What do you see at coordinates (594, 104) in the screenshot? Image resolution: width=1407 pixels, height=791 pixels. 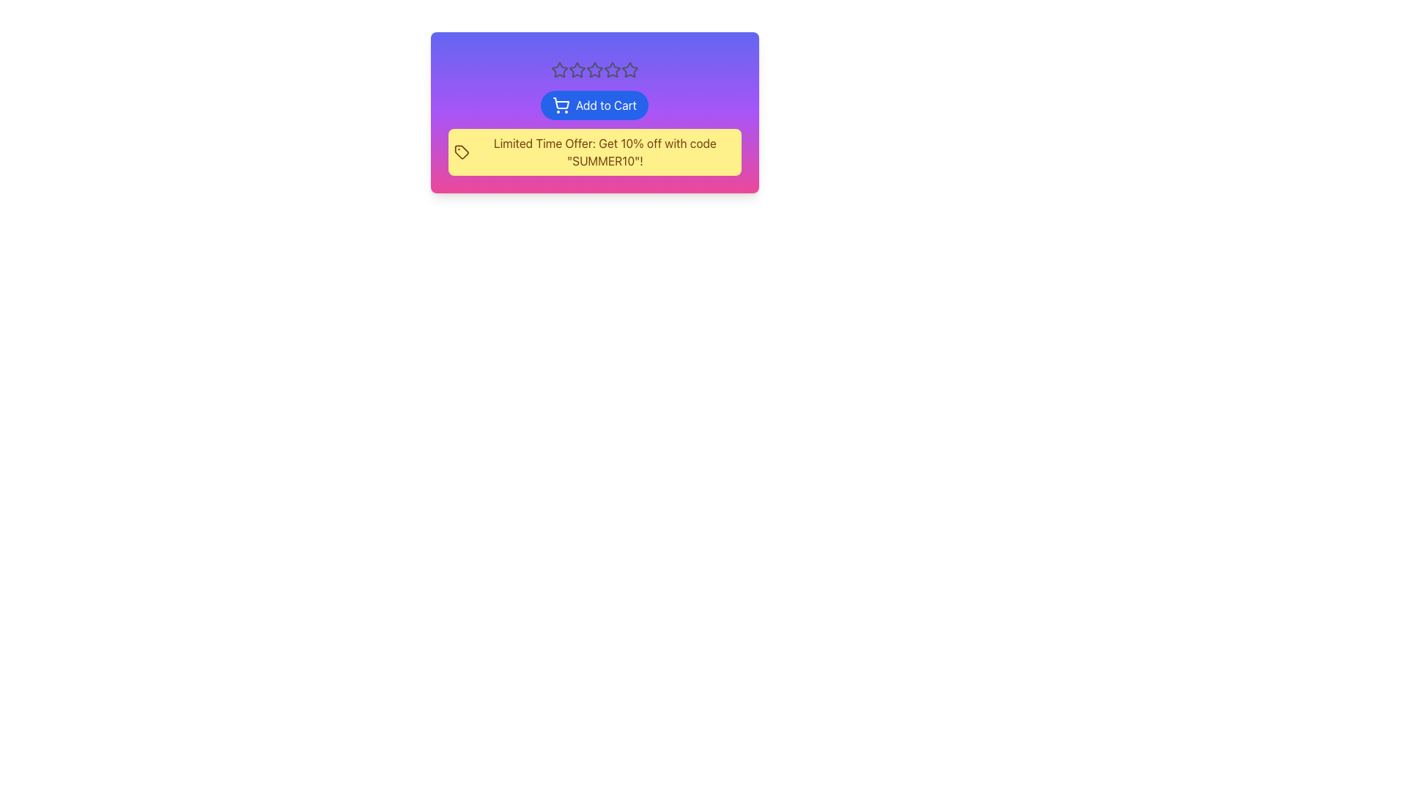 I see `the blue rounded button labeled 'Add to Cart' with a shopping cart icon` at bounding box center [594, 104].